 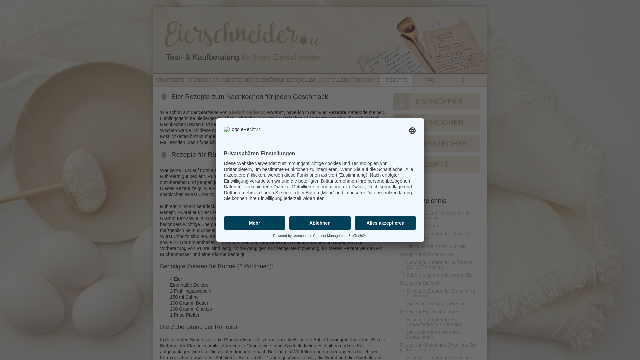 I want to click on 'Rezepte', so click(x=437, y=166).